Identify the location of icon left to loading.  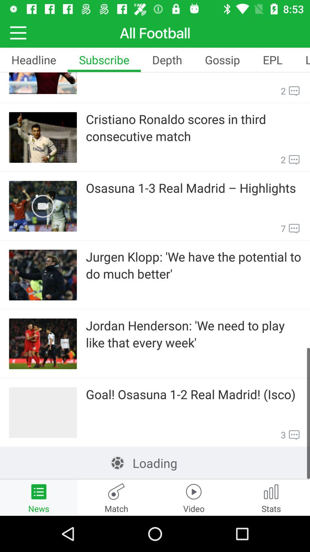
(117, 463).